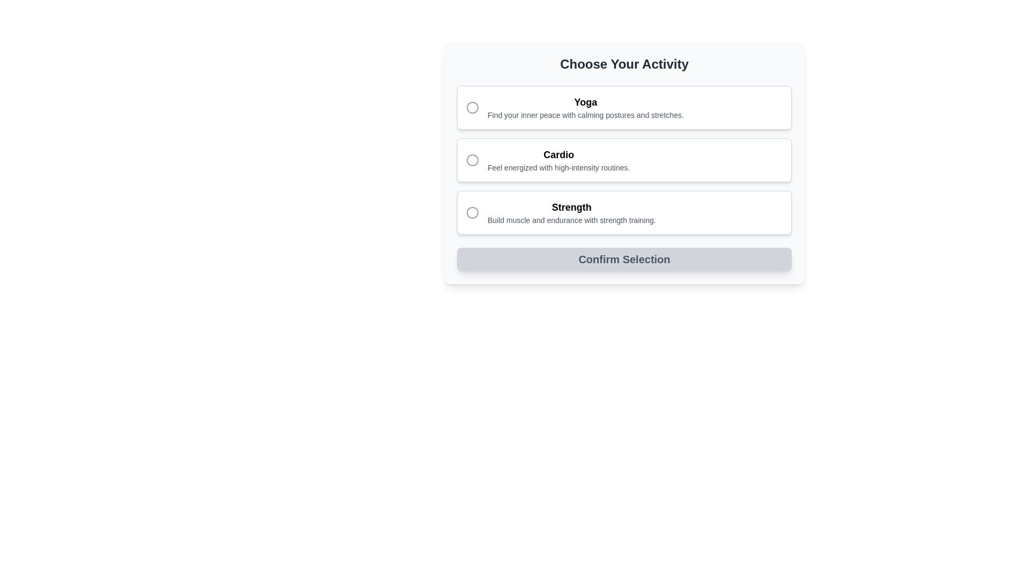 This screenshot has height=579, width=1030. Describe the element at coordinates (558, 167) in the screenshot. I see `descriptive subtitle text label located below the bold 'Cardio' heading within the 'Cardio' activity option` at that location.